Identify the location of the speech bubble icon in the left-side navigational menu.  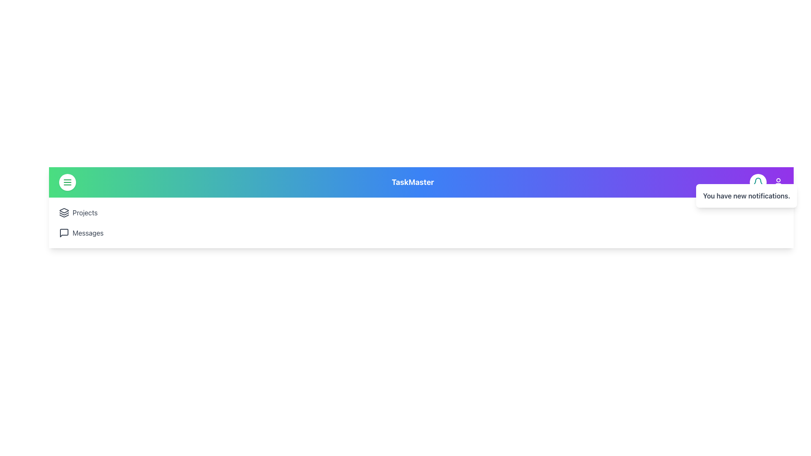
(64, 233).